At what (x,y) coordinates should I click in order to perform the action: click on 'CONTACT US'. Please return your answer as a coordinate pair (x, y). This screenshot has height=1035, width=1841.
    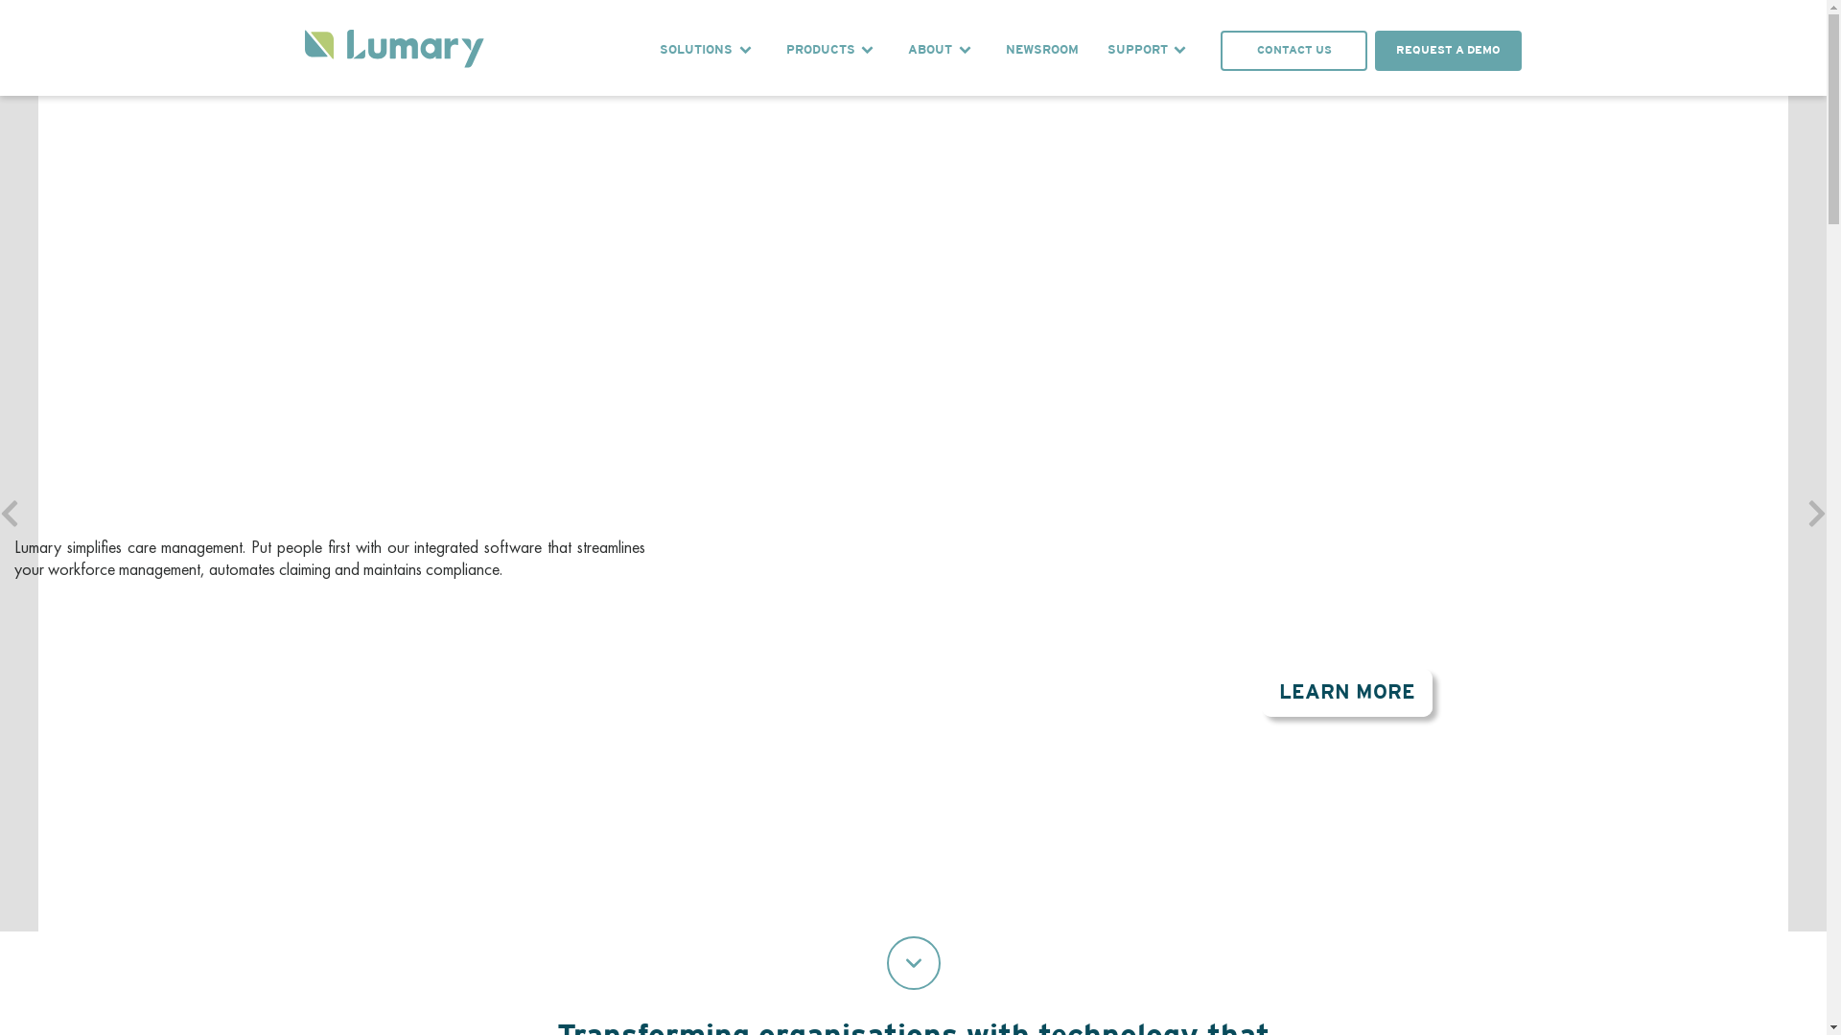
    Looking at the image, I should click on (226, 660).